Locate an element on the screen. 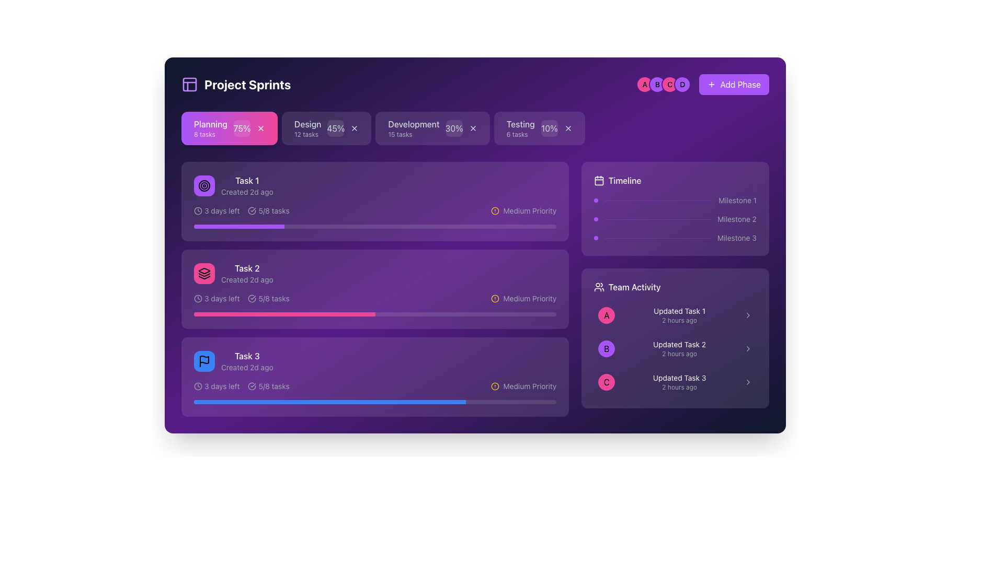  the button that enables the user to add a new phase to the project, located at the top-right corner adjacent to circular icons labeled 'A', 'B', 'C', and 'D' is located at coordinates (734, 84).